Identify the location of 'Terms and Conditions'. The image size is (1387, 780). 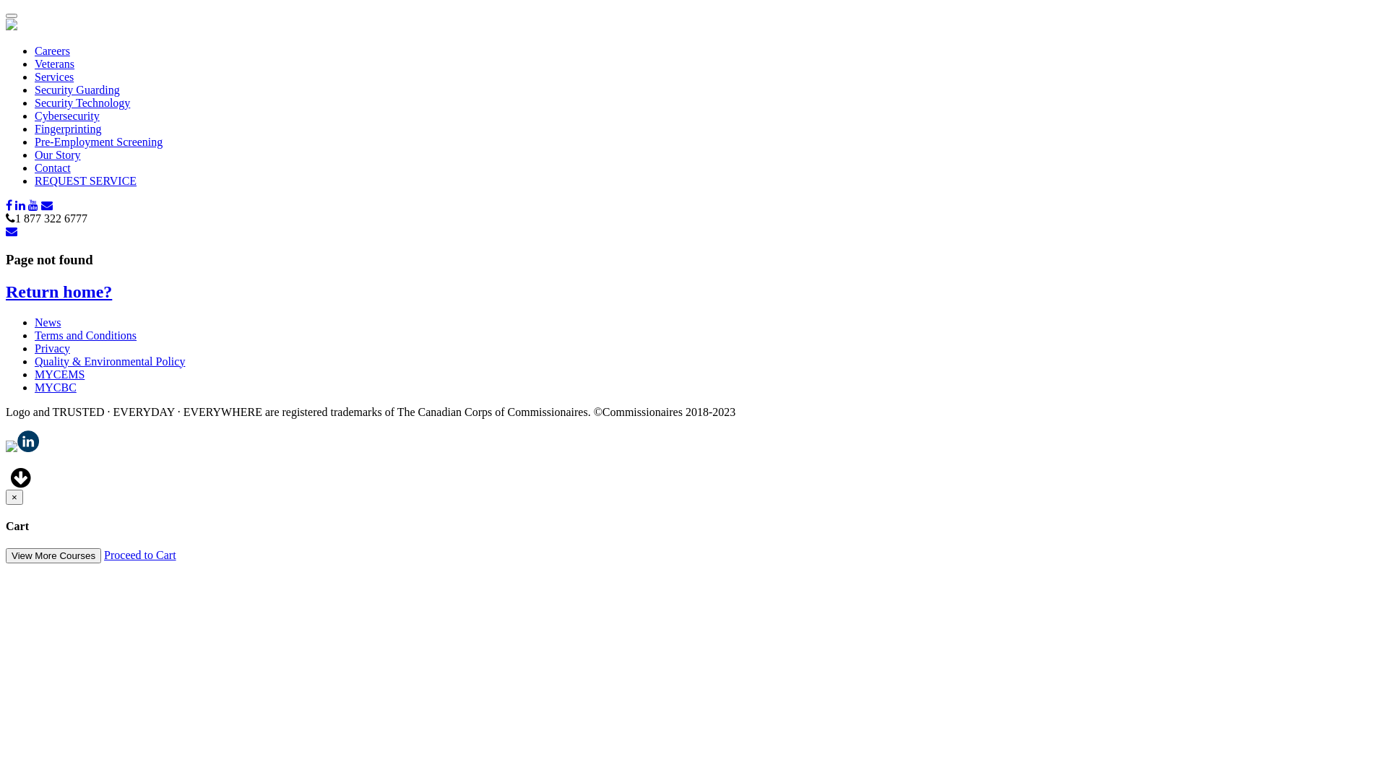
(85, 335).